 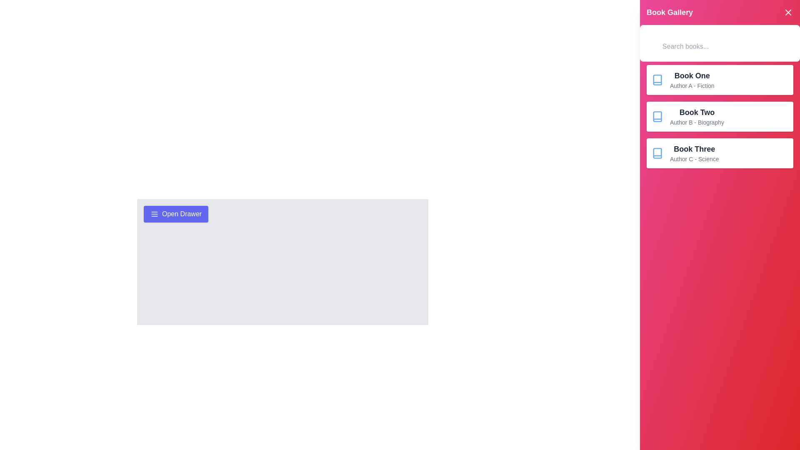 What do you see at coordinates (175, 213) in the screenshot?
I see `toggle button to change the drawer's state` at bounding box center [175, 213].